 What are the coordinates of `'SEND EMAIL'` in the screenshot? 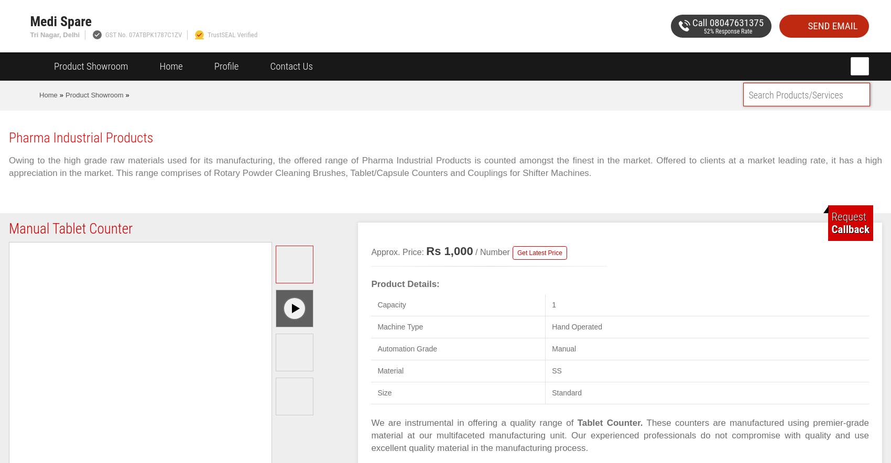 It's located at (832, 25).